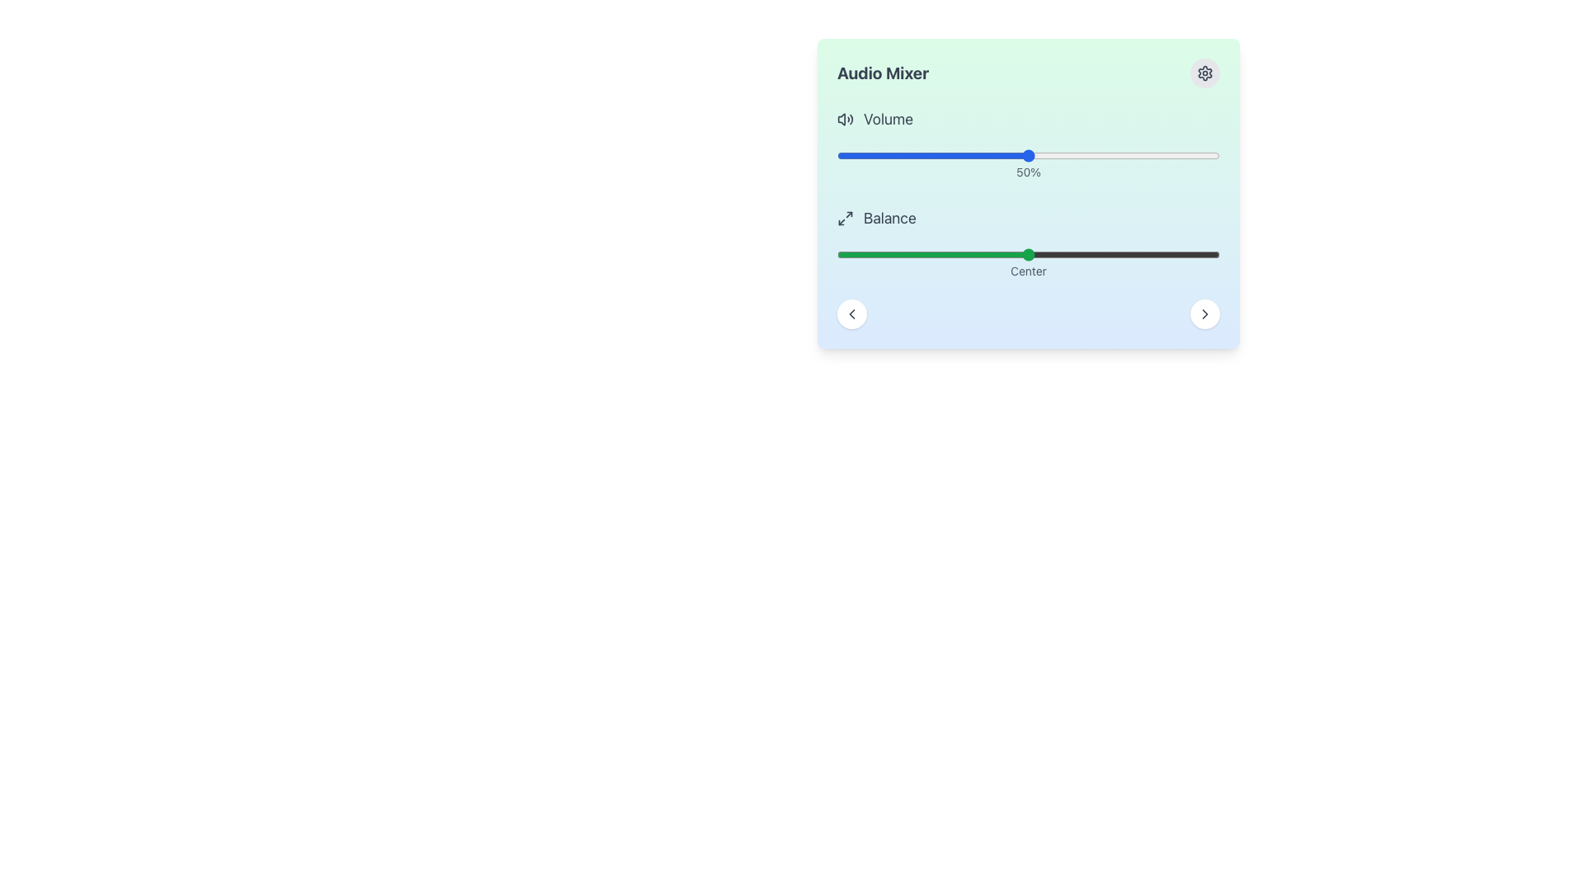  I want to click on the left-pointing chevron button, which is a triangular graphic element enclosed within a square, so click(851, 314).